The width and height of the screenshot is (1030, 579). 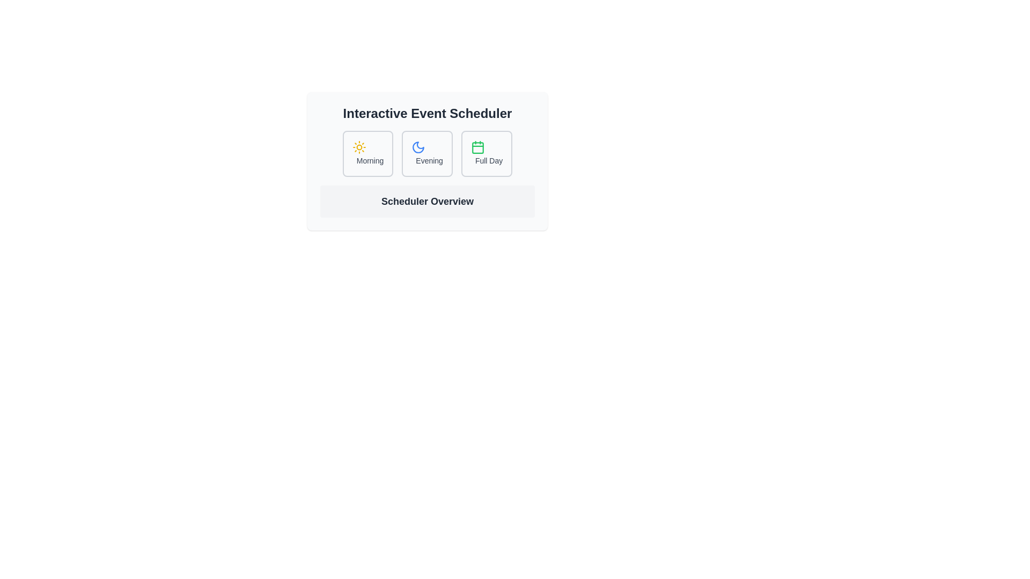 What do you see at coordinates (418, 147) in the screenshot?
I see `the blue SVG moon icon representing the evening state, located in the center of the 'Evening' button in the button group below the title 'Interactive Event Scheduler'` at bounding box center [418, 147].